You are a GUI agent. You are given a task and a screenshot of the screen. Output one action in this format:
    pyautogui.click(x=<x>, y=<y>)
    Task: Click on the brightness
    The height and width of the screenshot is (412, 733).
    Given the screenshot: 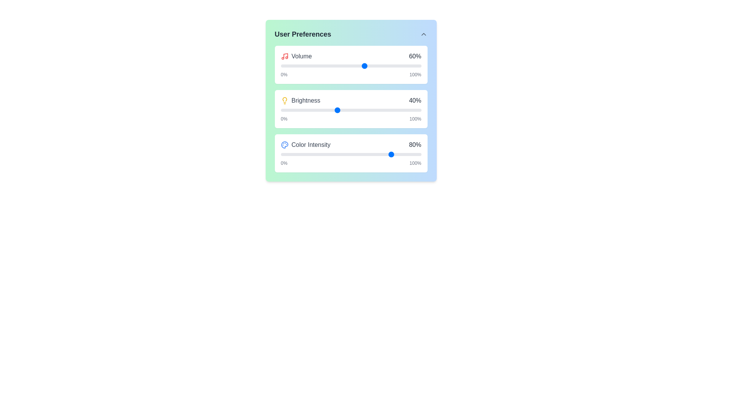 What is the action you would take?
    pyautogui.click(x=299, y=110)
    